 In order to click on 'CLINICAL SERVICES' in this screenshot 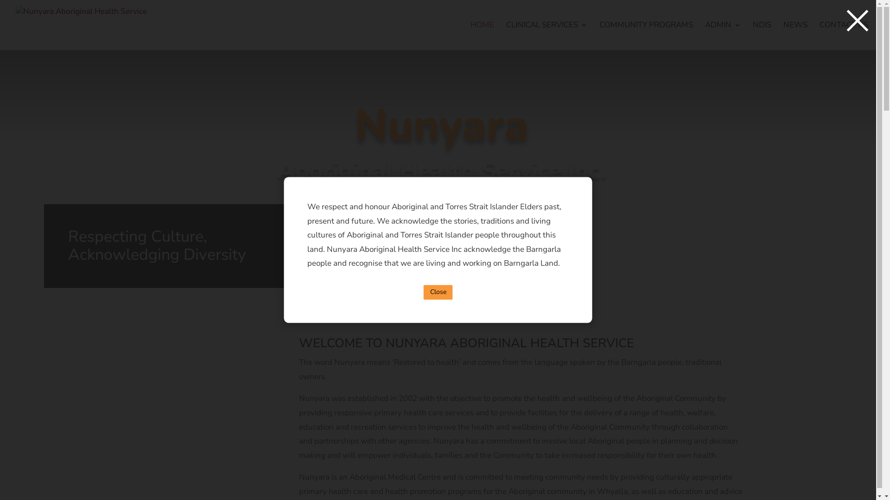, I will do `click(505, 35)`.